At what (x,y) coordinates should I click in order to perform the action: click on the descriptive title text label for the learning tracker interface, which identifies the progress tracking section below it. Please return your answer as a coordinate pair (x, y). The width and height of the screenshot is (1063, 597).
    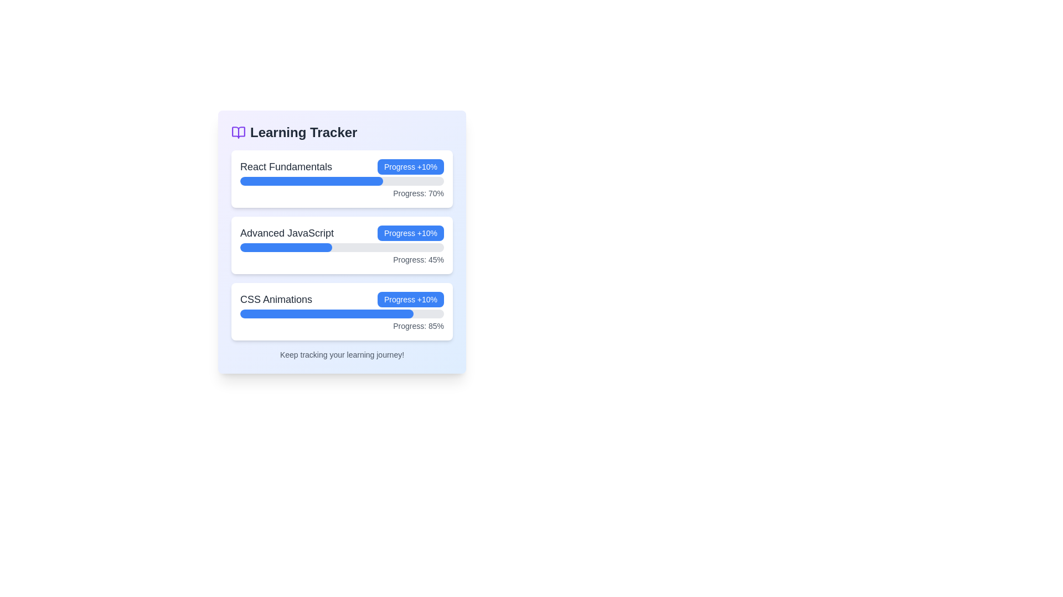
    Looking at the image, I should click on (287, 232).